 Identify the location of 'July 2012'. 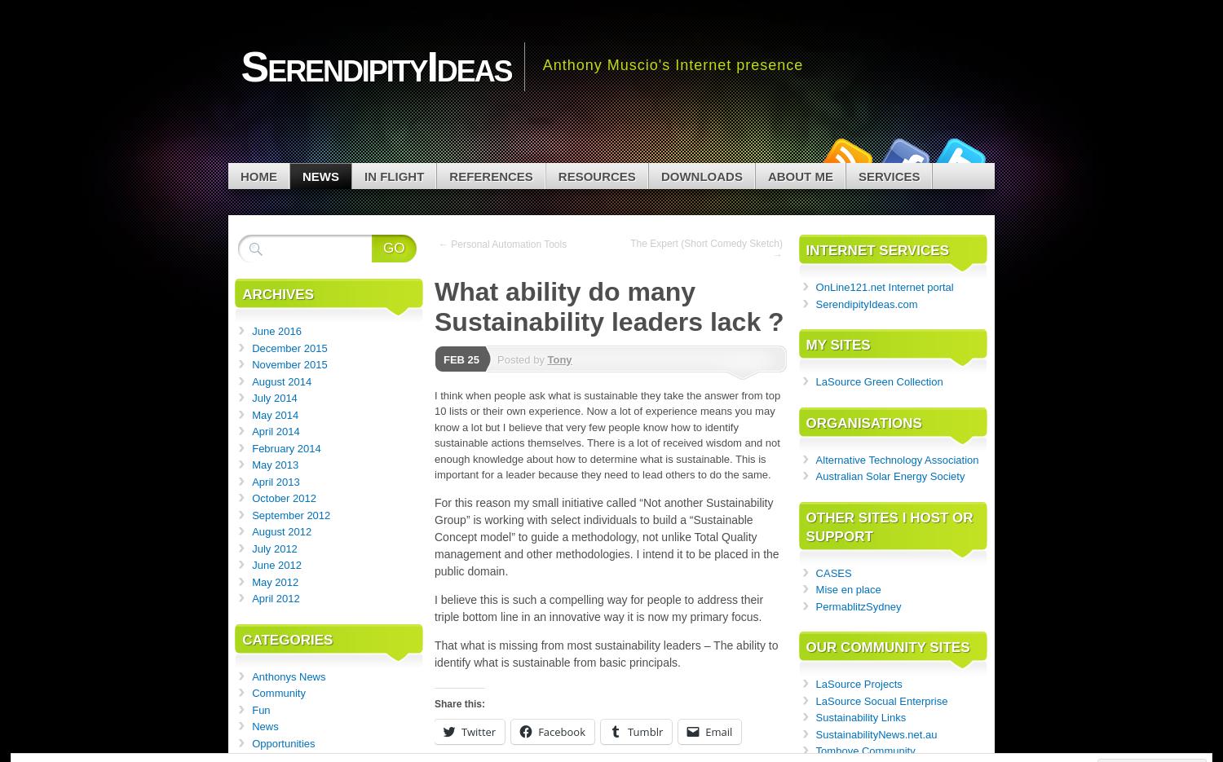
(273, 548).